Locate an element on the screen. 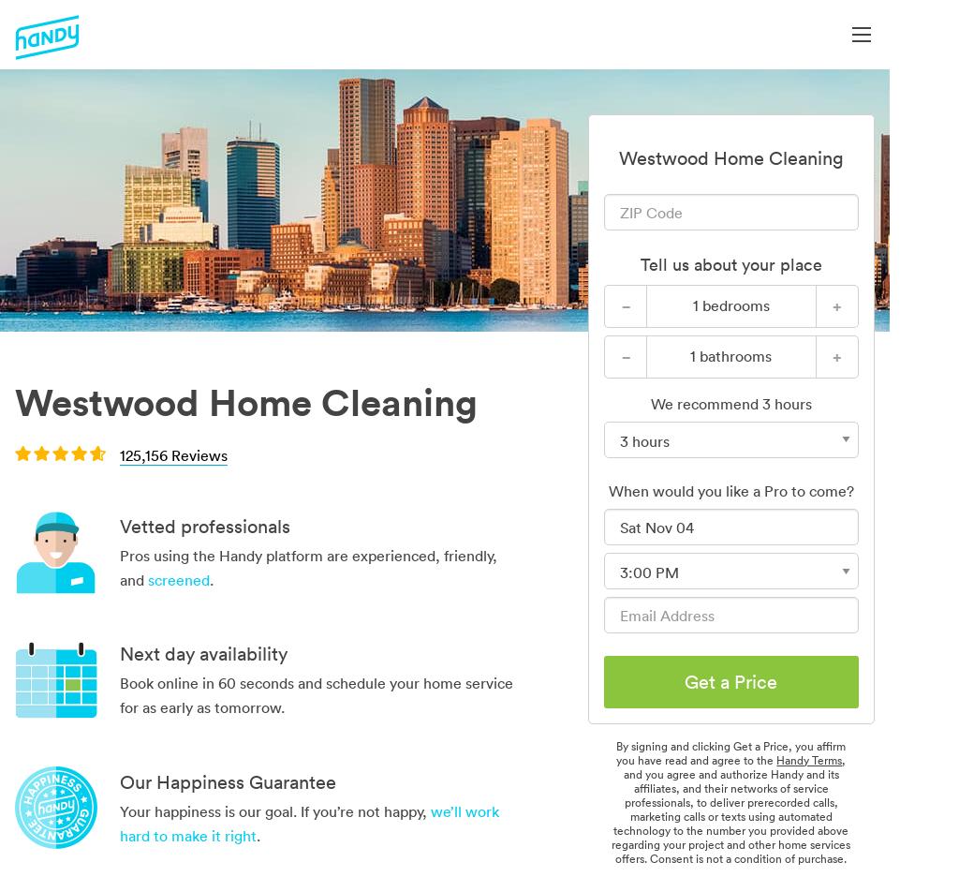 This screenshot has width=959, height=877. 'we’ll work hard to make it right' is located at coordinates (120, 822).